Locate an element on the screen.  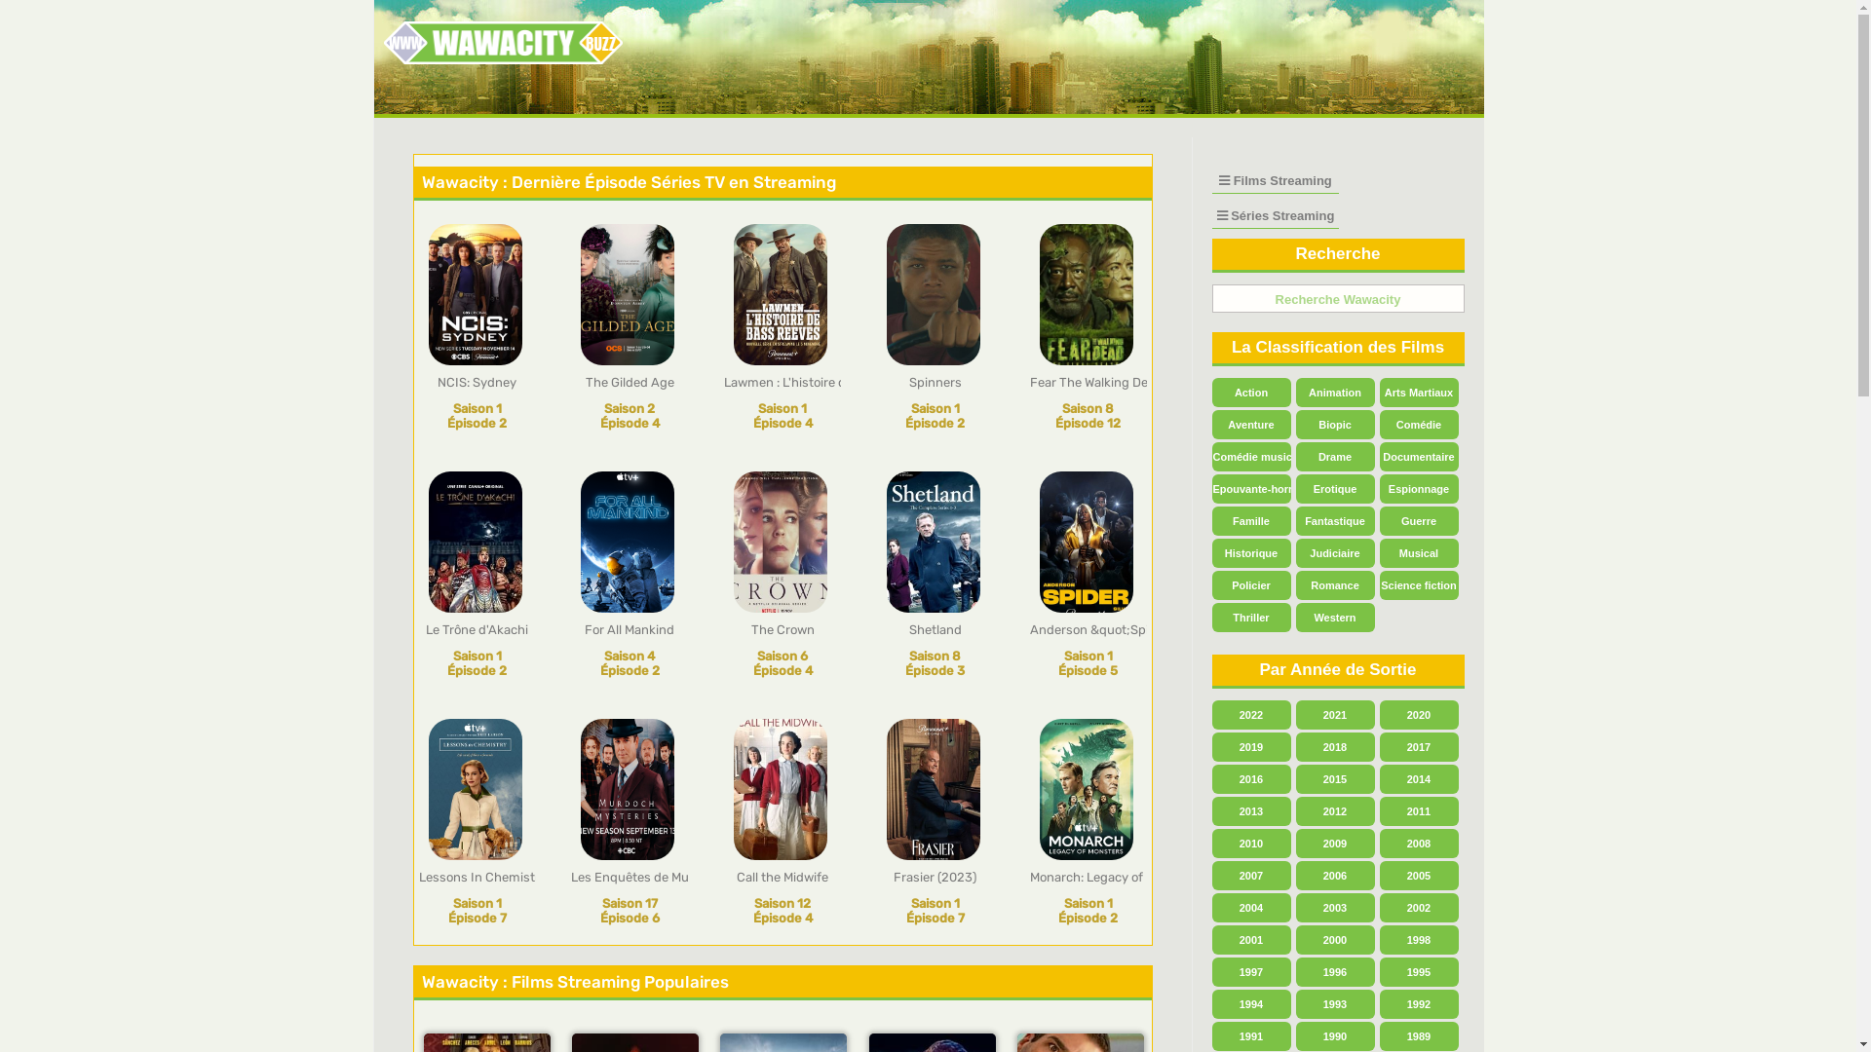
'2007' is located at coordinates (1251, 874).